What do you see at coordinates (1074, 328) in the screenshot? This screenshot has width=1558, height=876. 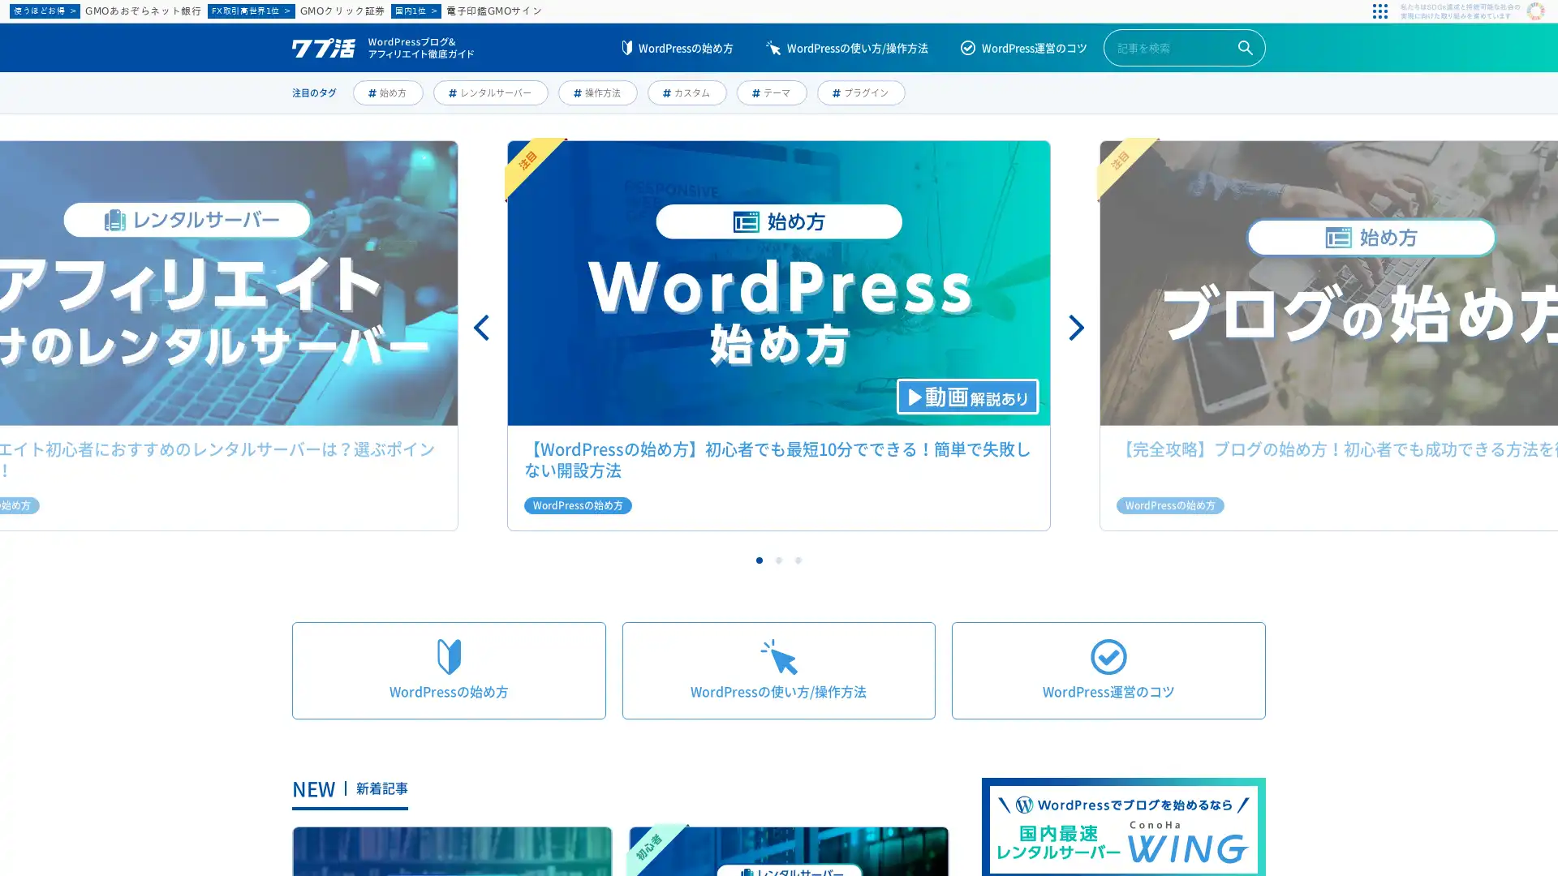 I see `Next` at bounding box center [1074, 328].